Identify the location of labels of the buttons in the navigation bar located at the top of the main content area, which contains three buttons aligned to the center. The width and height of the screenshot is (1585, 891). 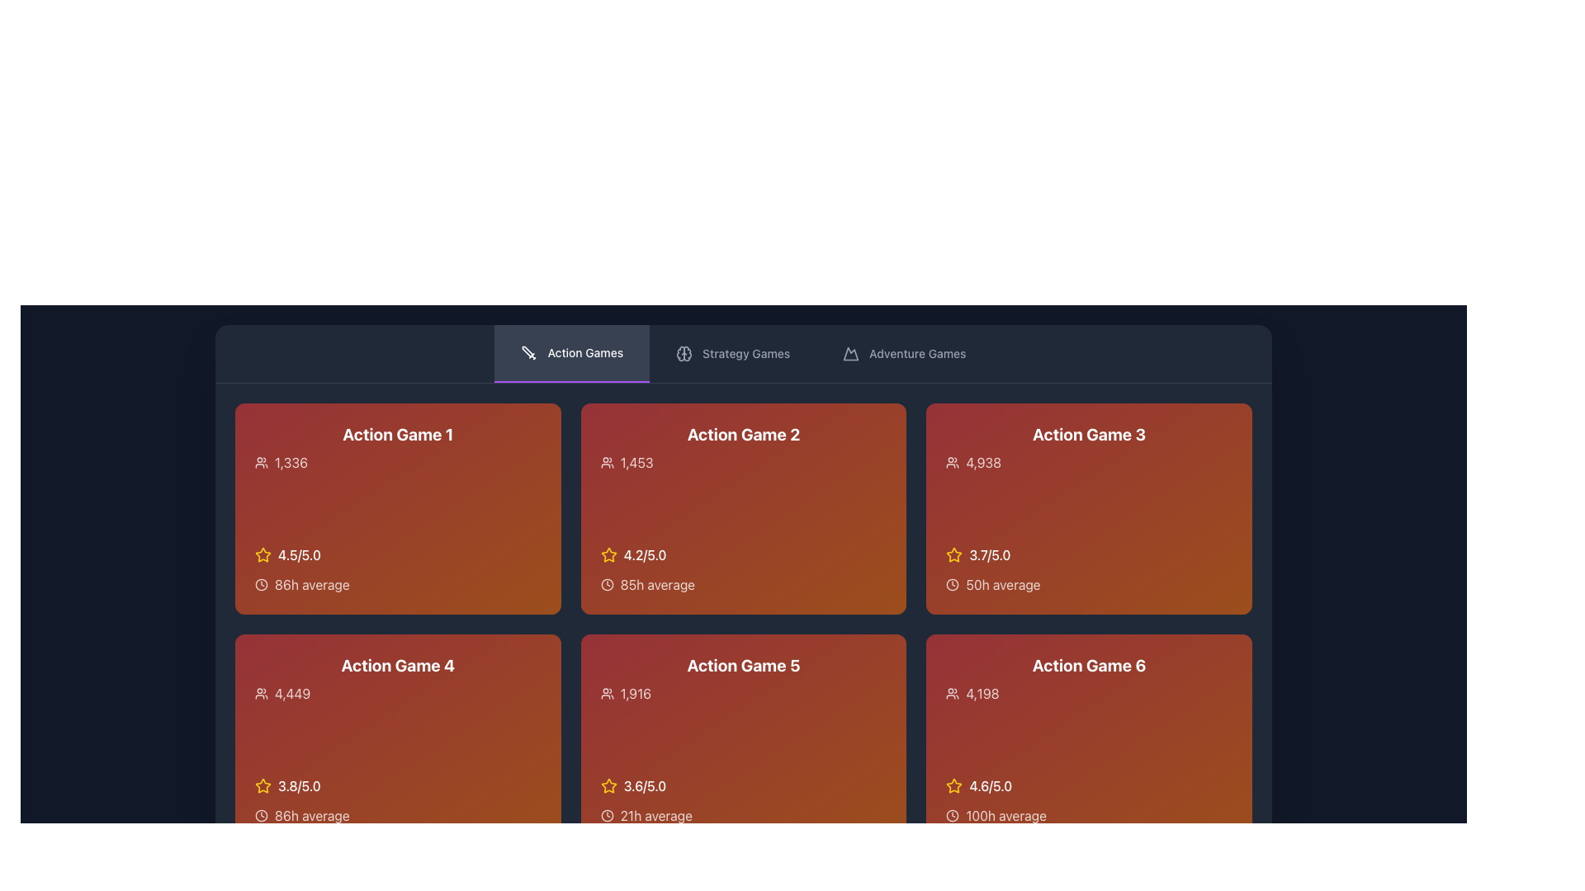
(743, 353).